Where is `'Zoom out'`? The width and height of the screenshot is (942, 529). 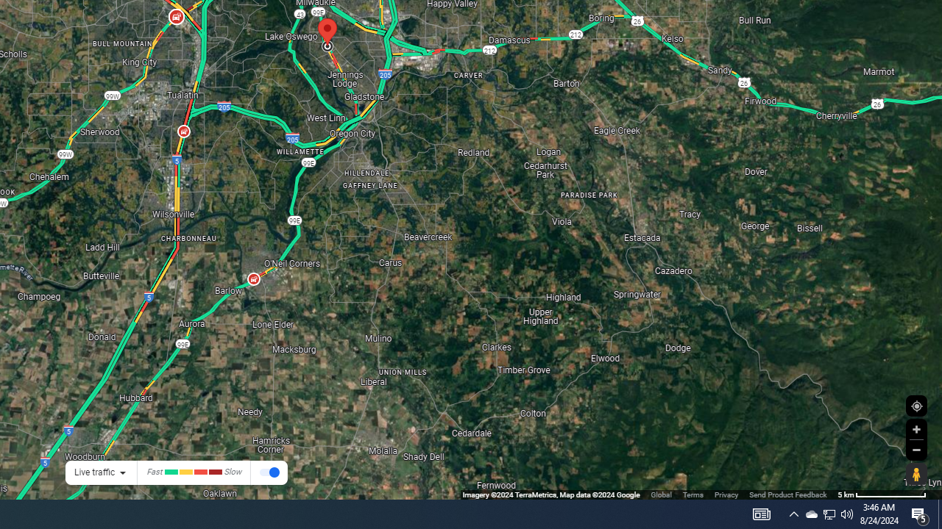 'Zoom out' is located at coordinates (916, 449).